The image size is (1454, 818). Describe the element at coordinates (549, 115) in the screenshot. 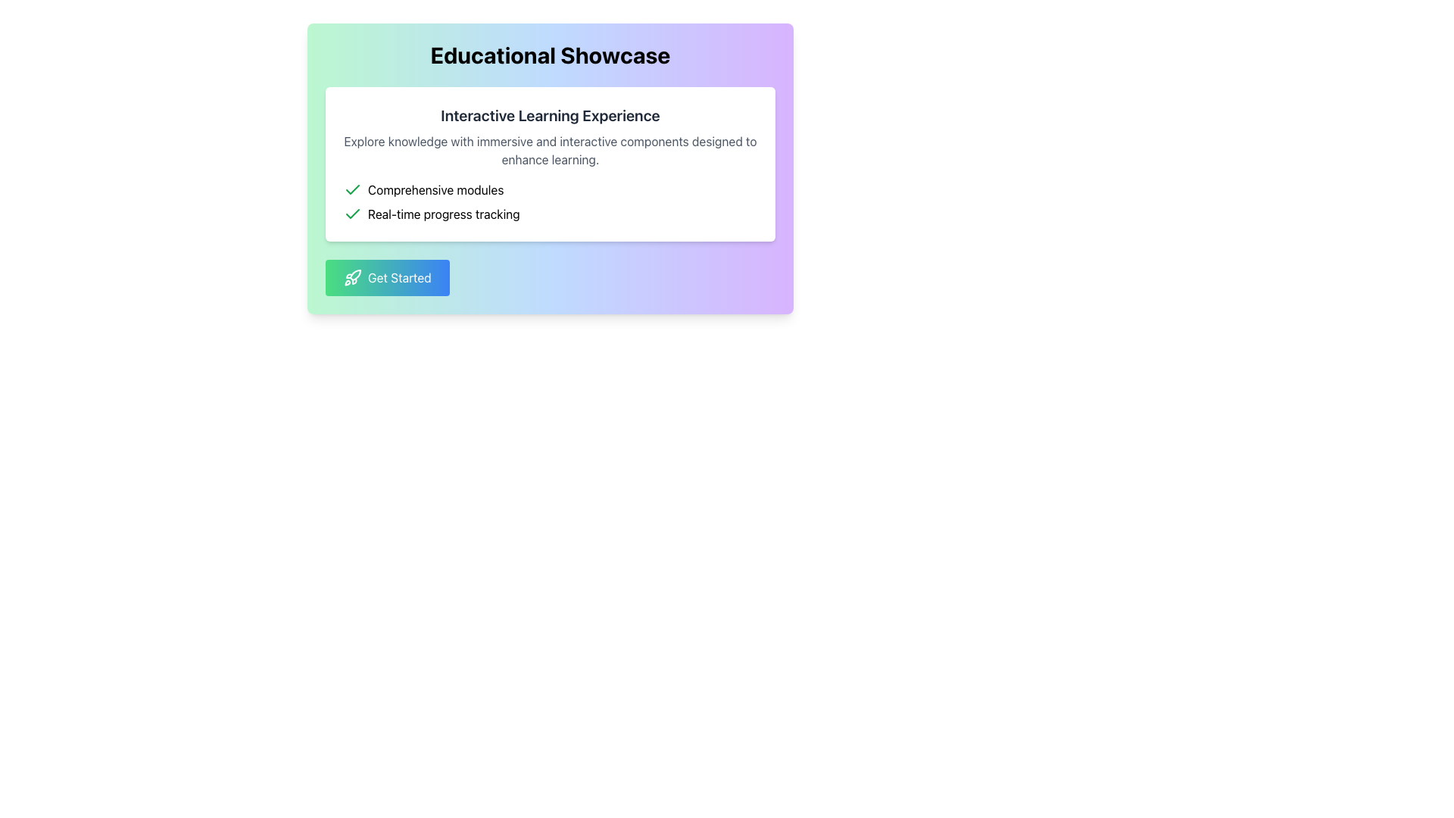

I see `the text label that says 'Interactive Learning Experience', which is styled in bold, large black font at the top of a white card background` at that location.